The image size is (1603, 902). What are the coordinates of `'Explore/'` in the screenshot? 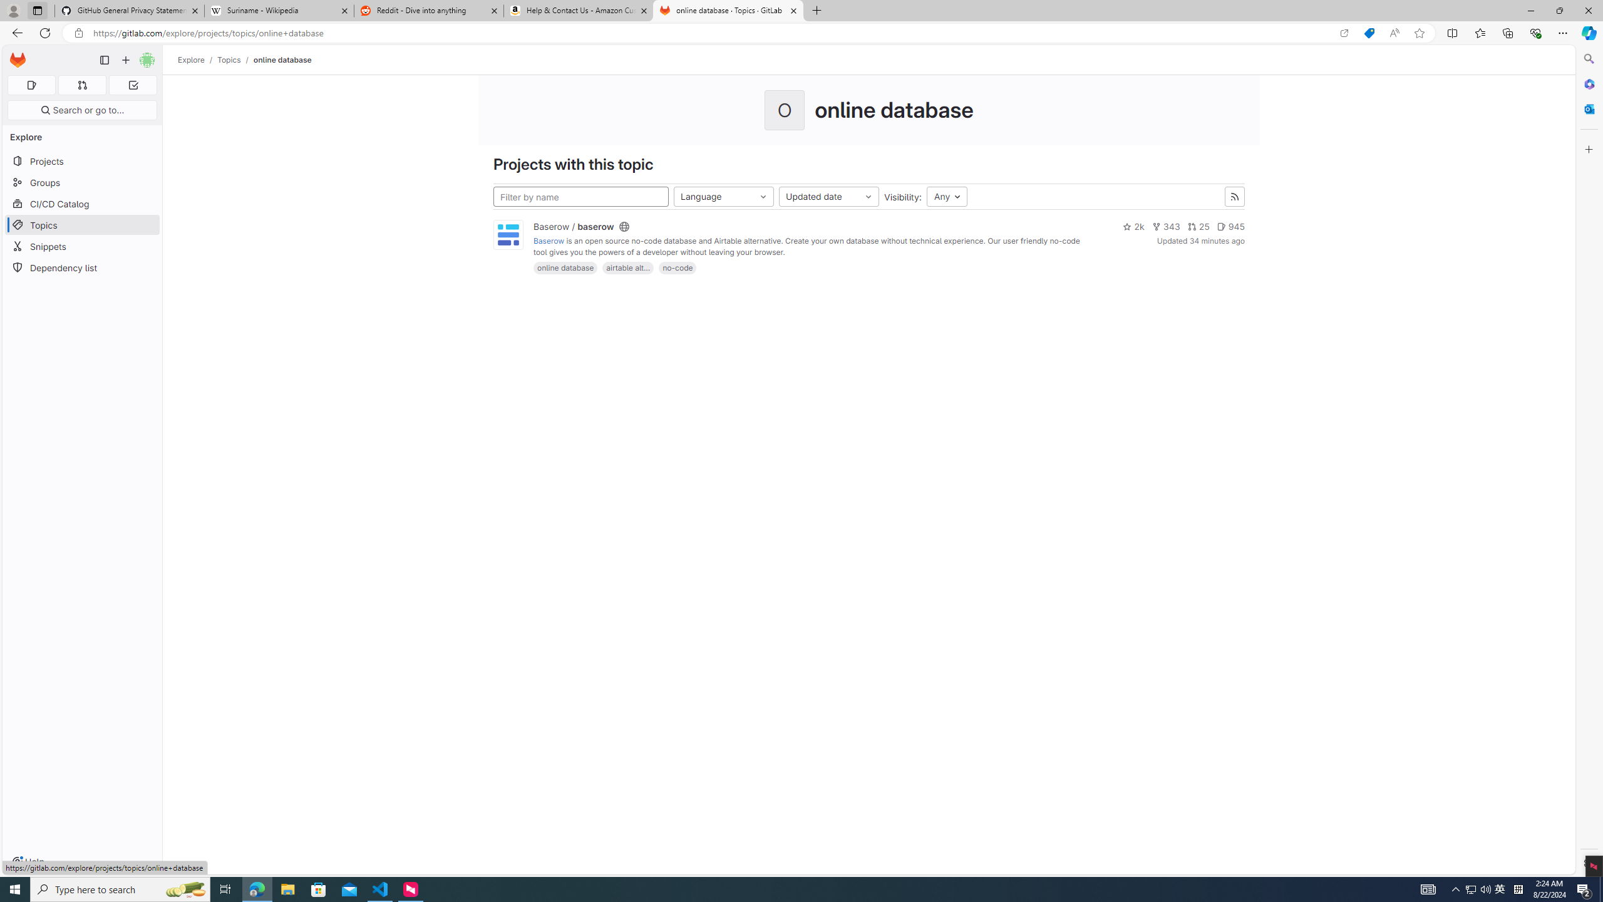 It's located at (197, 60).